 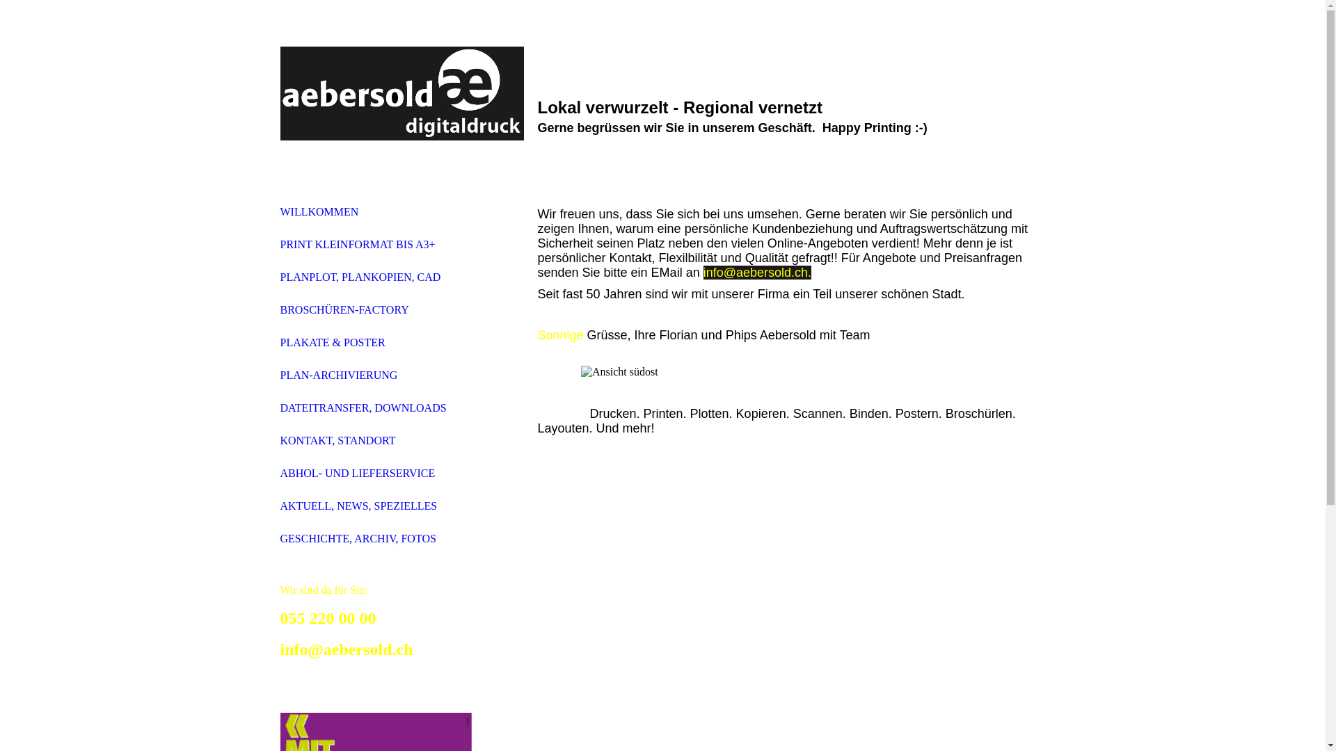 I want to click on 'ABHOL- UND LIEFERSERVICE', so click(x=279, y=472).